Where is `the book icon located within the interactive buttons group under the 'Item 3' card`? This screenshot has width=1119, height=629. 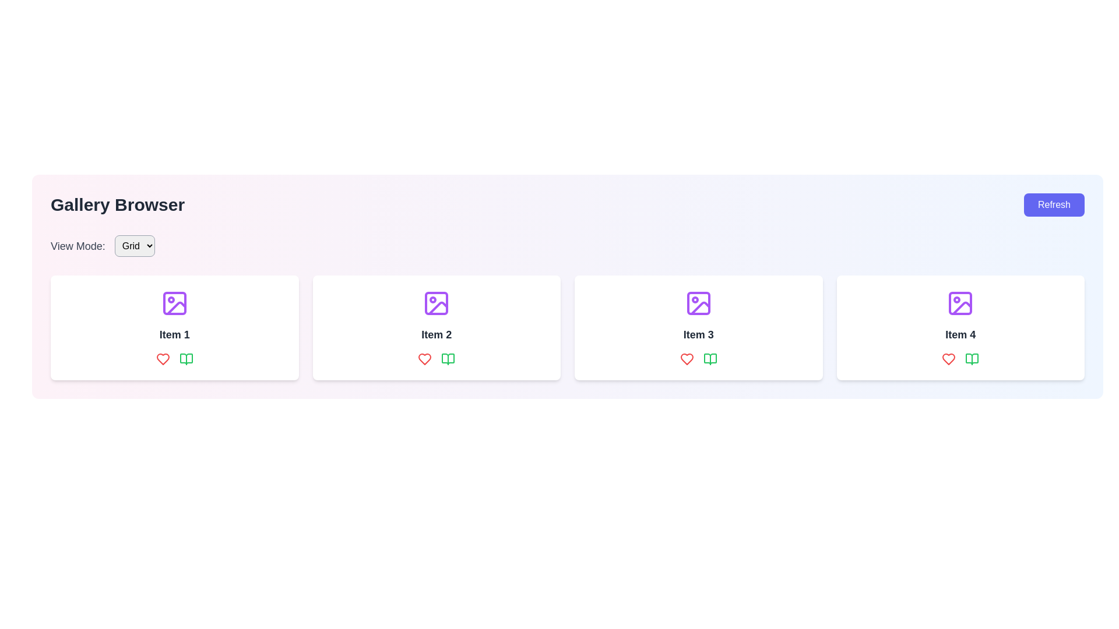
the book icon located within the interactive buttons group under the 'Item 3' card is located at coordinates (698, 359).